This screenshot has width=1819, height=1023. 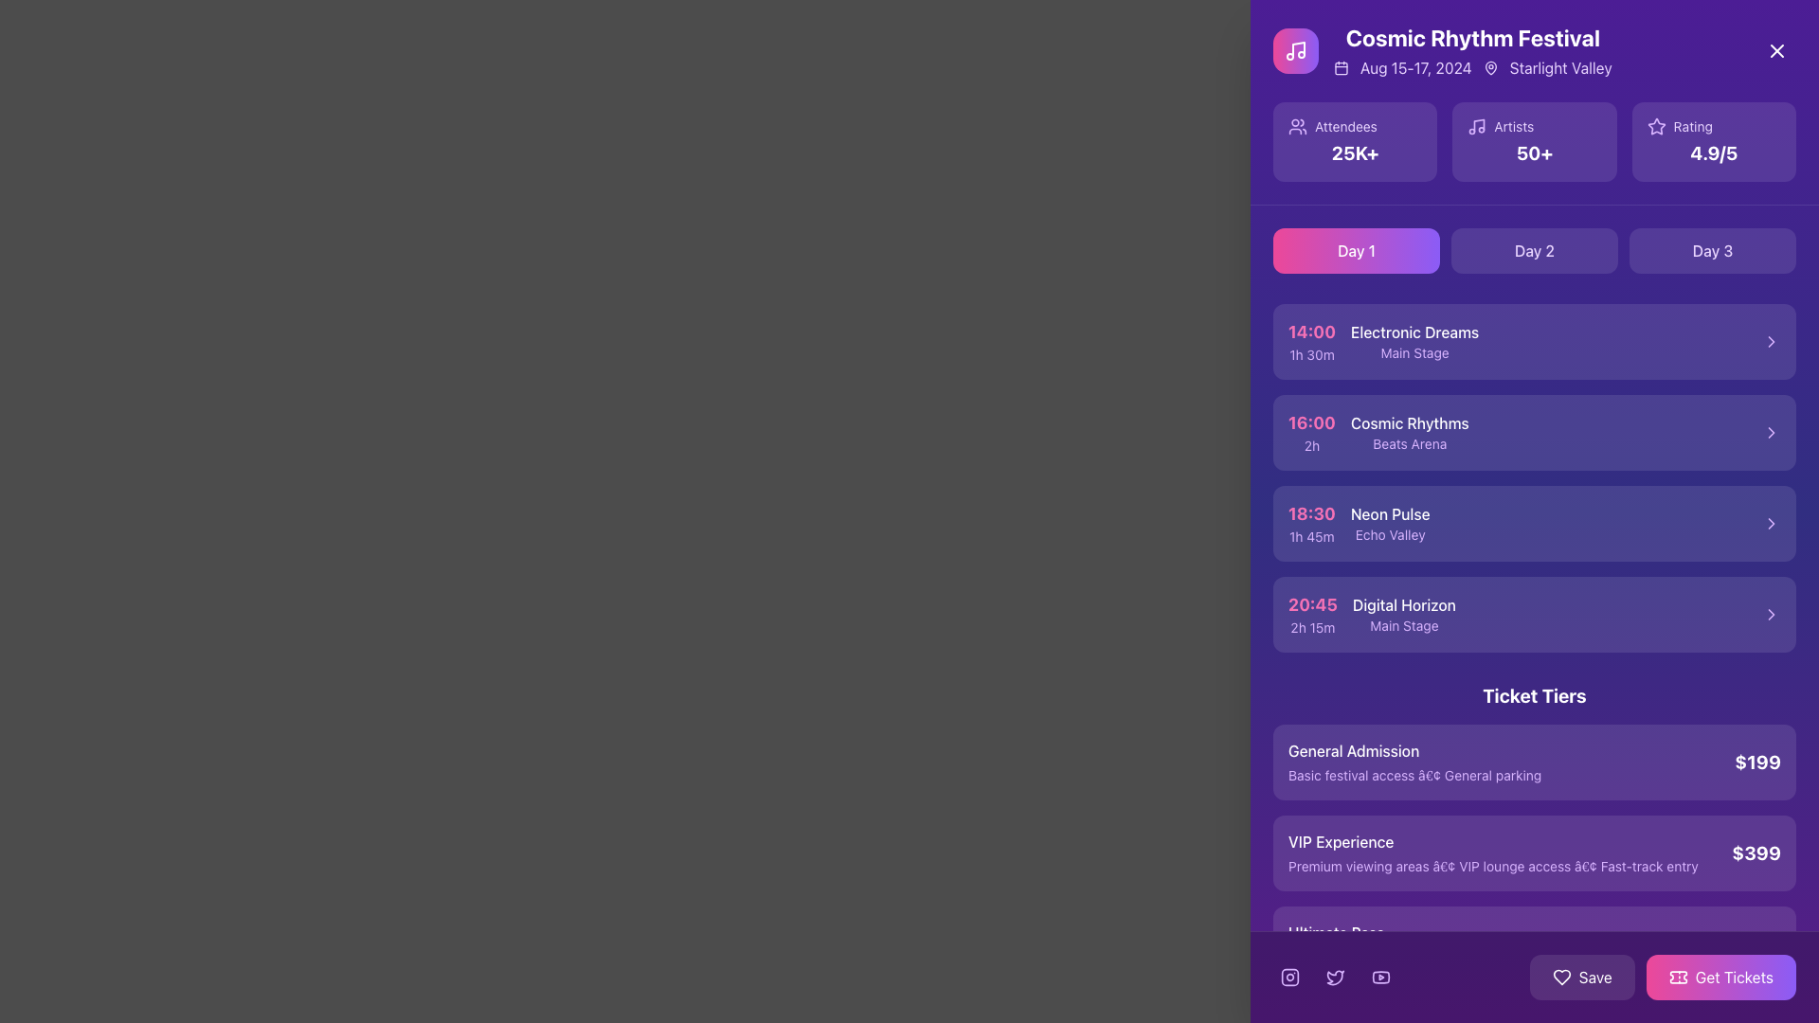 I want to click on the first list item for 'Electronic Dreams' scheduled at '14:00' under the 'Day 1' tab to trigger visual feedback, so click(x=1535, y=342).